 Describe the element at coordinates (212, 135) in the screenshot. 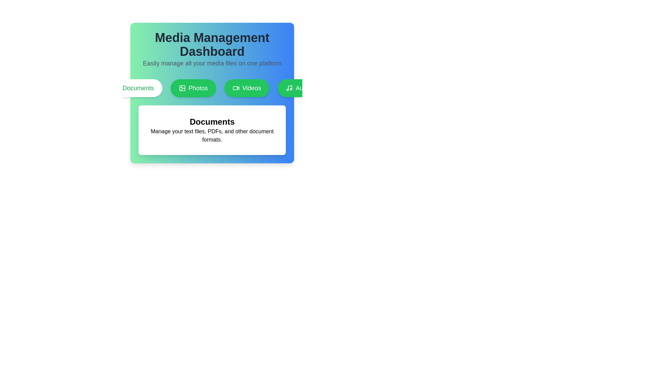

I see `the text label that describes the functionality of managing text files, located underneath the bold title 'Documents' within a white card at the center of the interface` at that location.